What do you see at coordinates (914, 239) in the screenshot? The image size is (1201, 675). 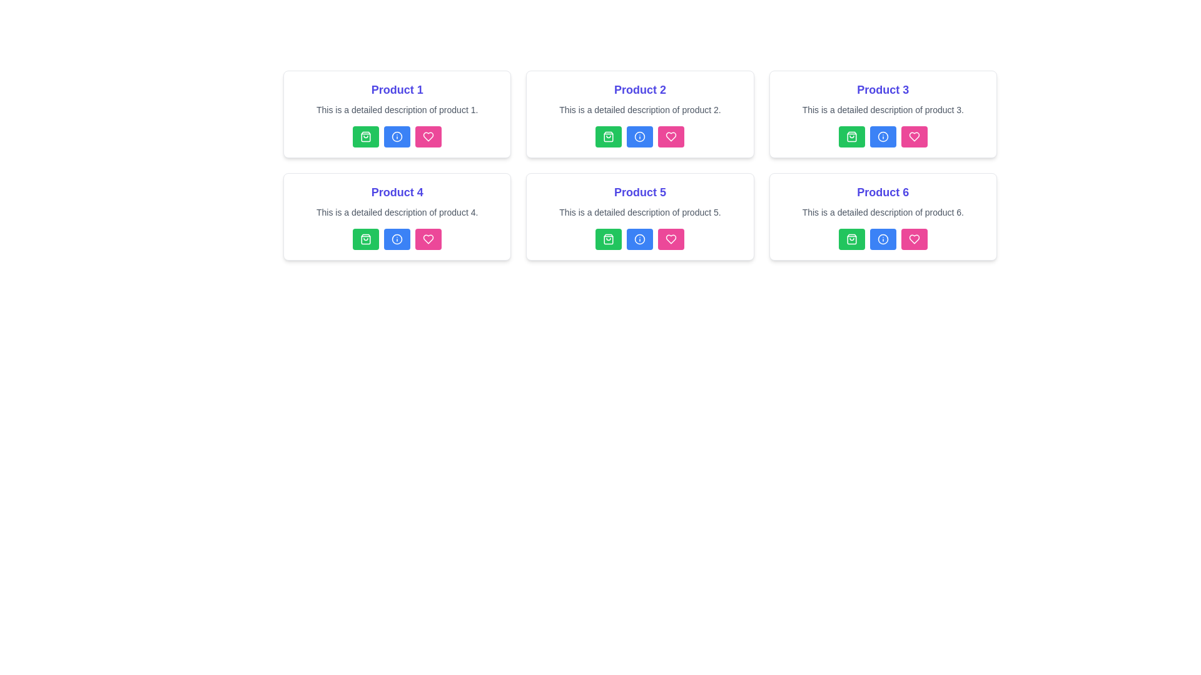 I see `the pink heart-like icon, which is the third icon in the action button row below the 'Product 6' description` at bounding box center [914, 239].